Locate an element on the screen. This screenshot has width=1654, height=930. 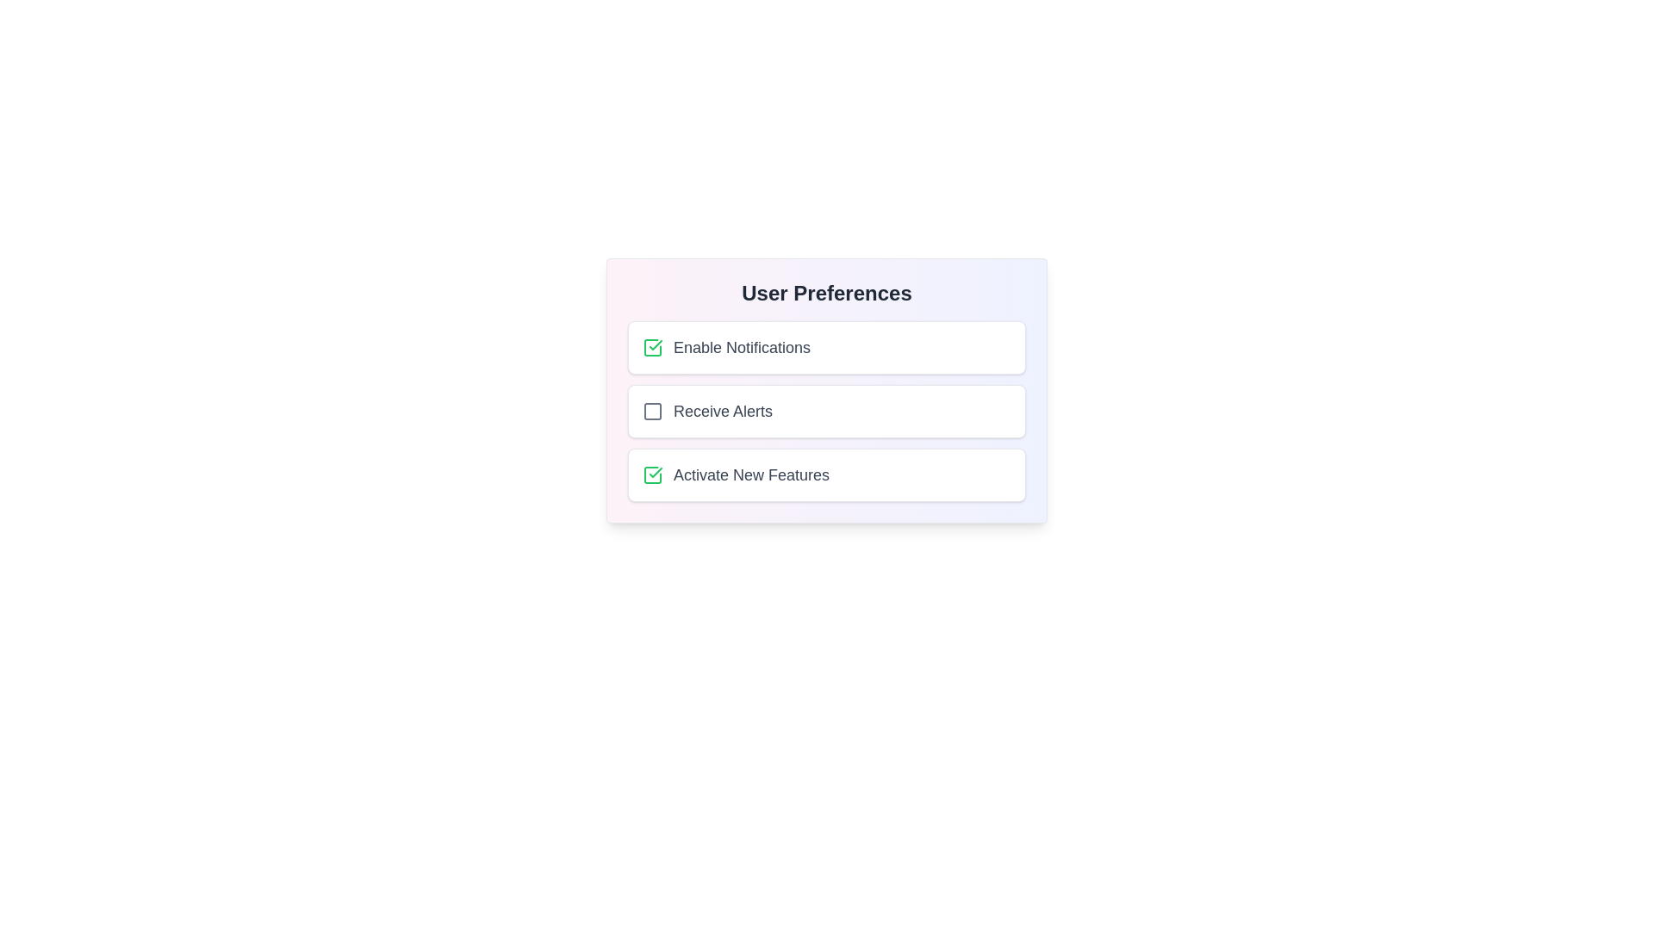
the checkmark icon within the square located under the 'User Preferences' section is located at coordinates (655, 472).